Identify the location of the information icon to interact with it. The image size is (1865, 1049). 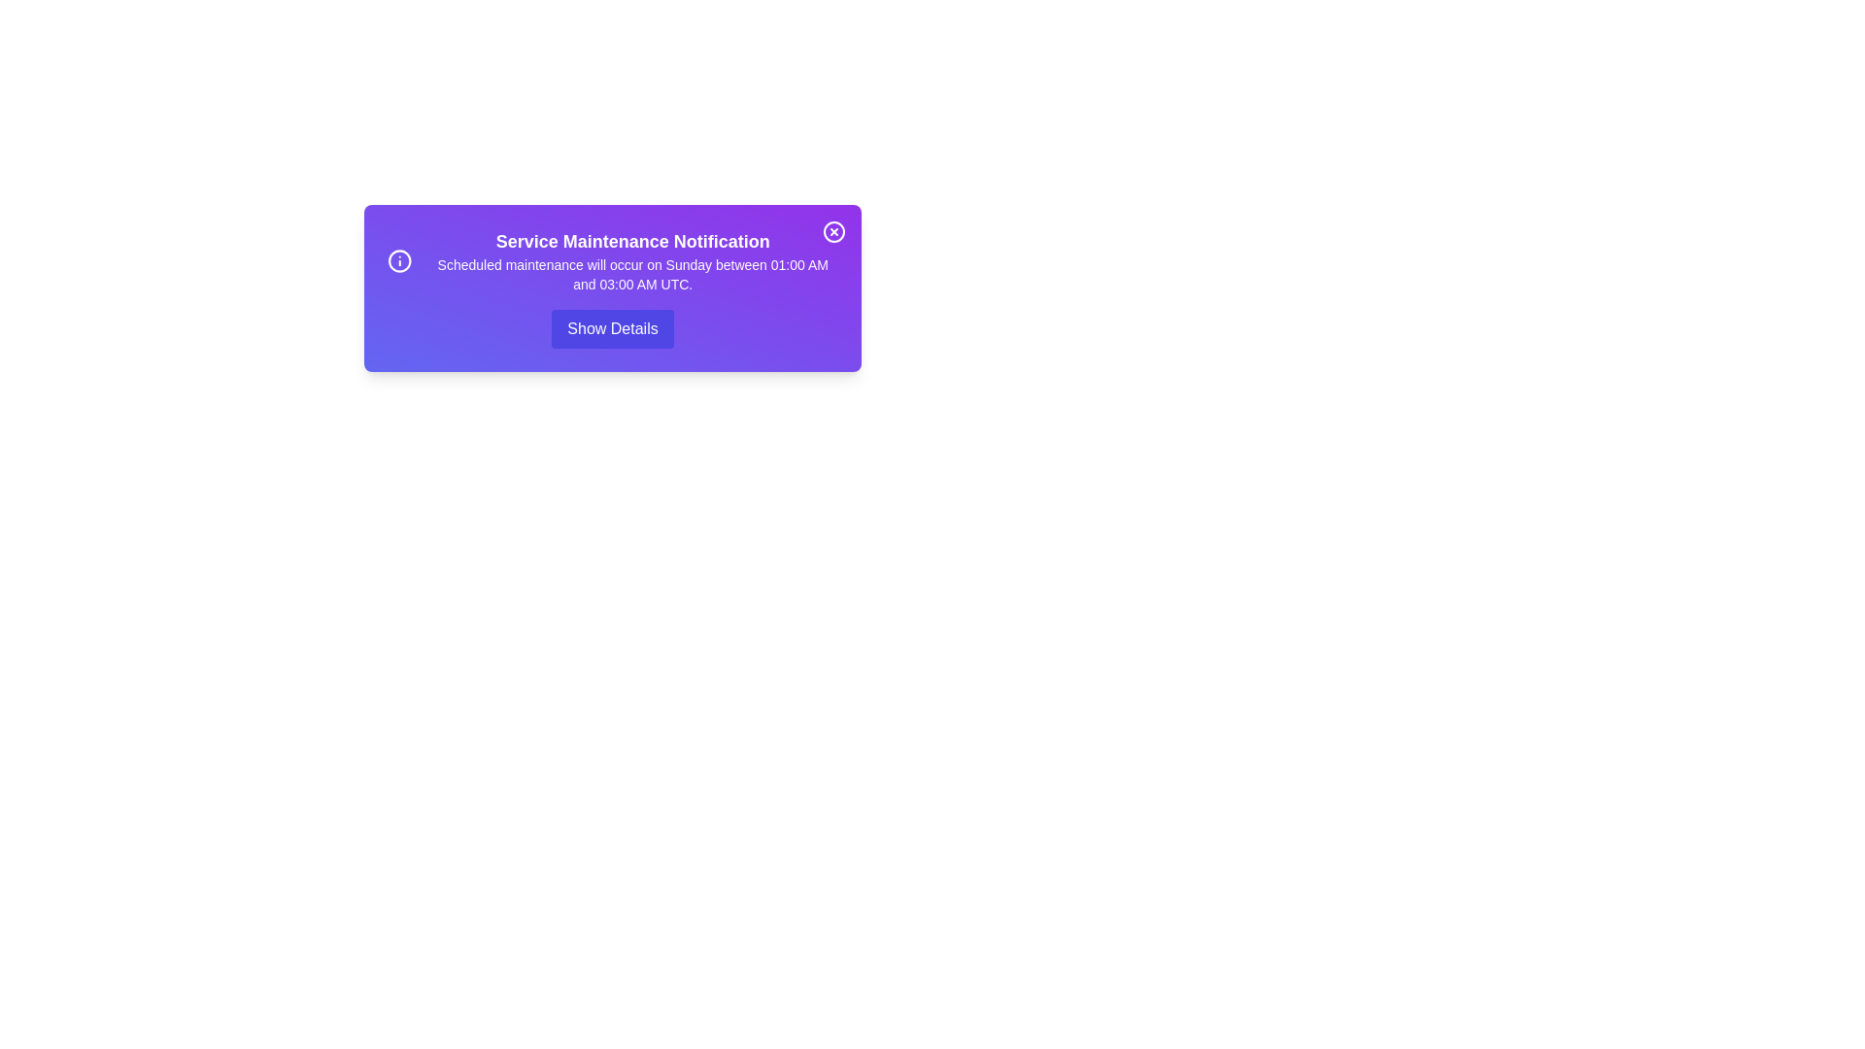
(398, 260).